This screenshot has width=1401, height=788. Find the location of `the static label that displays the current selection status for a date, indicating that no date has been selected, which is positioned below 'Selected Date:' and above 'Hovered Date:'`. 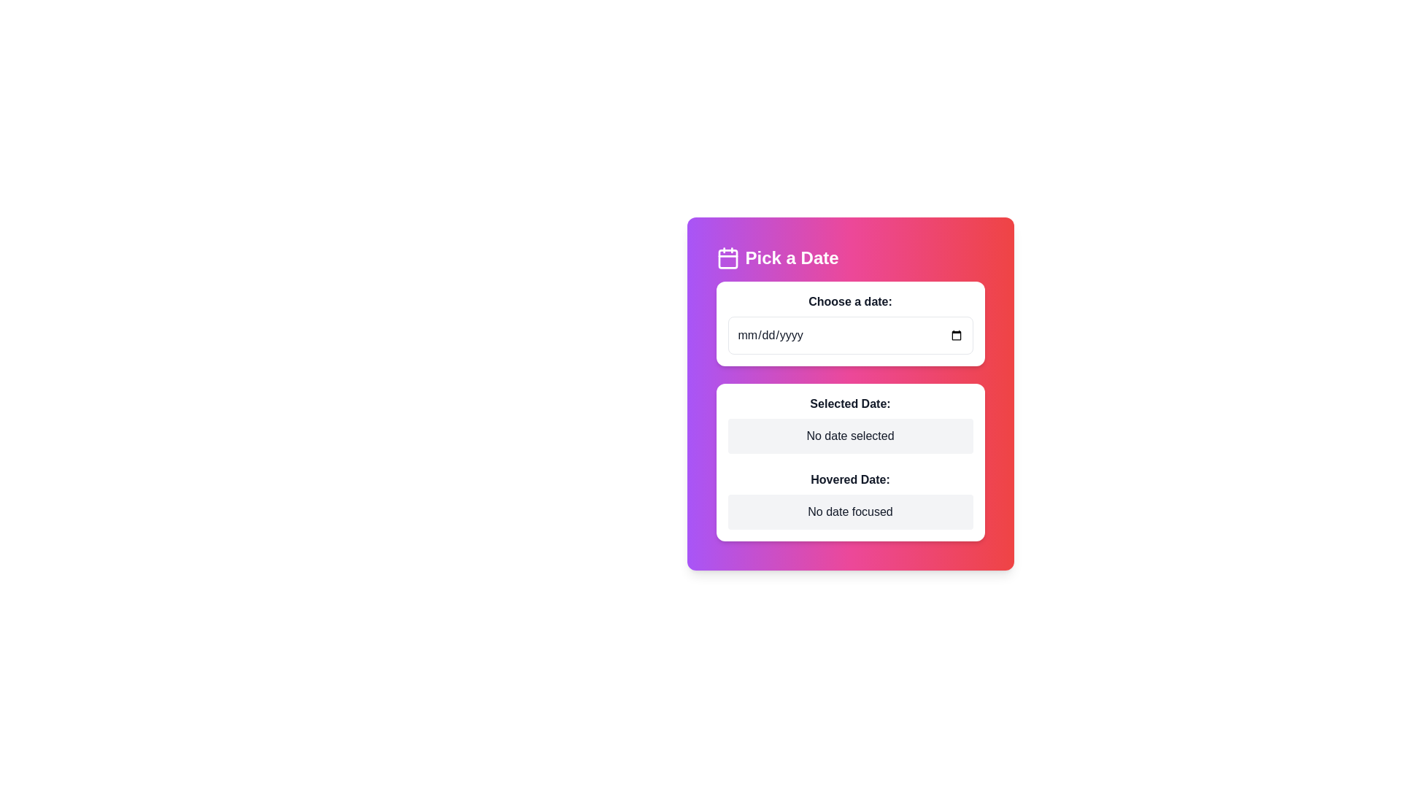

the static label that displays the current selection status for a date, indicating that no date has been selected, which is positioned below 'Selected Date:' and above 'Hovered Date:' is located at coordinates (850, 435).